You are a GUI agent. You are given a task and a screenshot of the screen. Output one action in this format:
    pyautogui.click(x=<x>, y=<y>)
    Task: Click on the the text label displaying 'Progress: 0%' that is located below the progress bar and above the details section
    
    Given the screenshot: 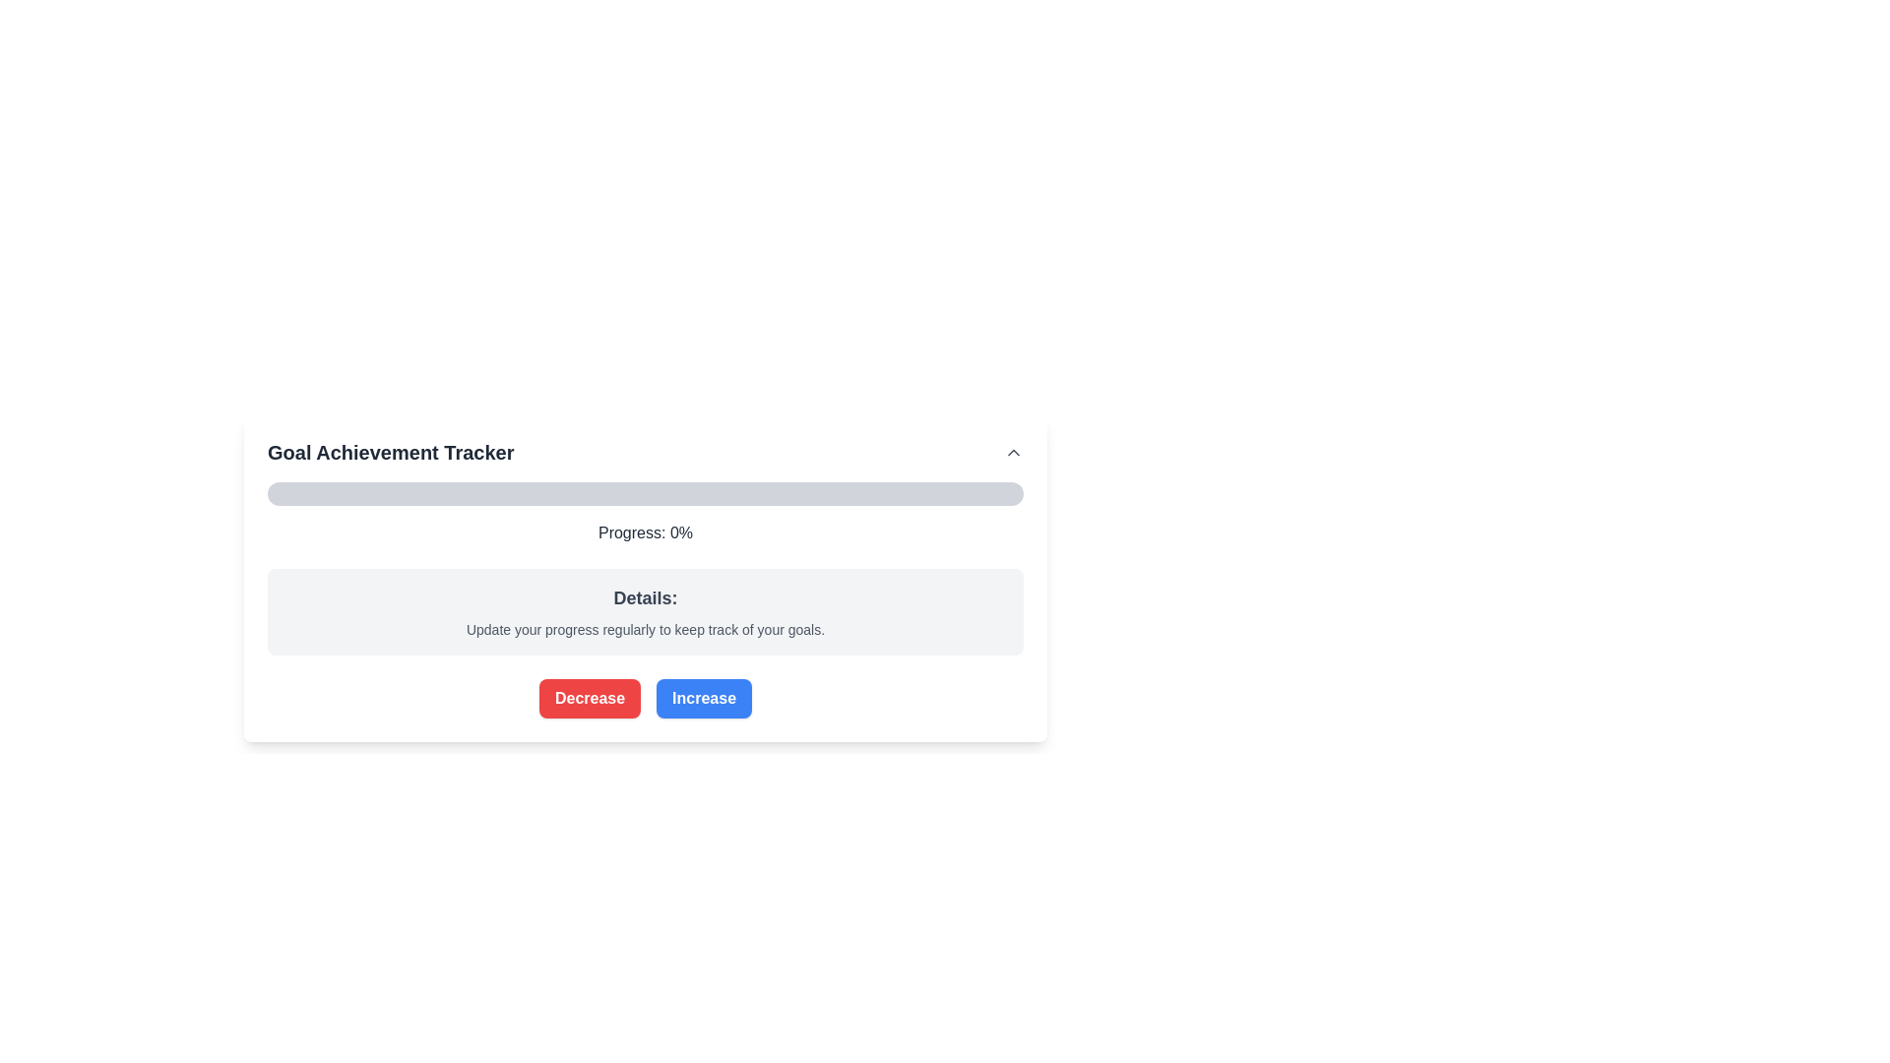 What is the action you would take?
    pyautogui.click(x=646, y=533)
    